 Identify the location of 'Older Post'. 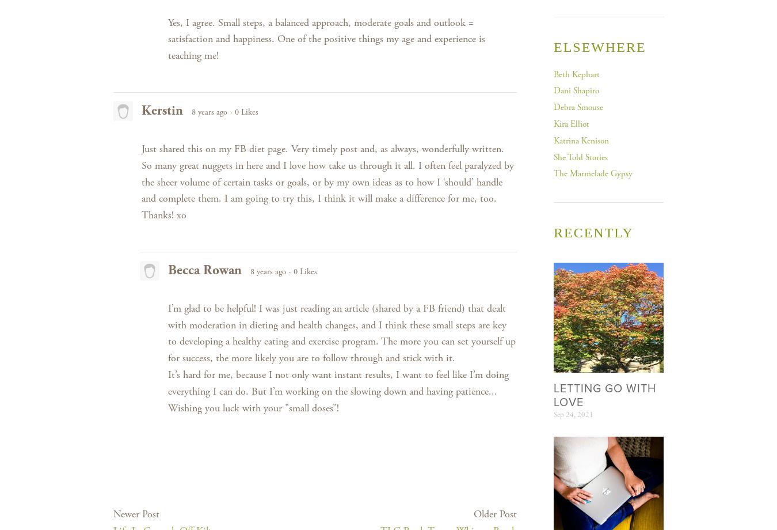
(495, 513).